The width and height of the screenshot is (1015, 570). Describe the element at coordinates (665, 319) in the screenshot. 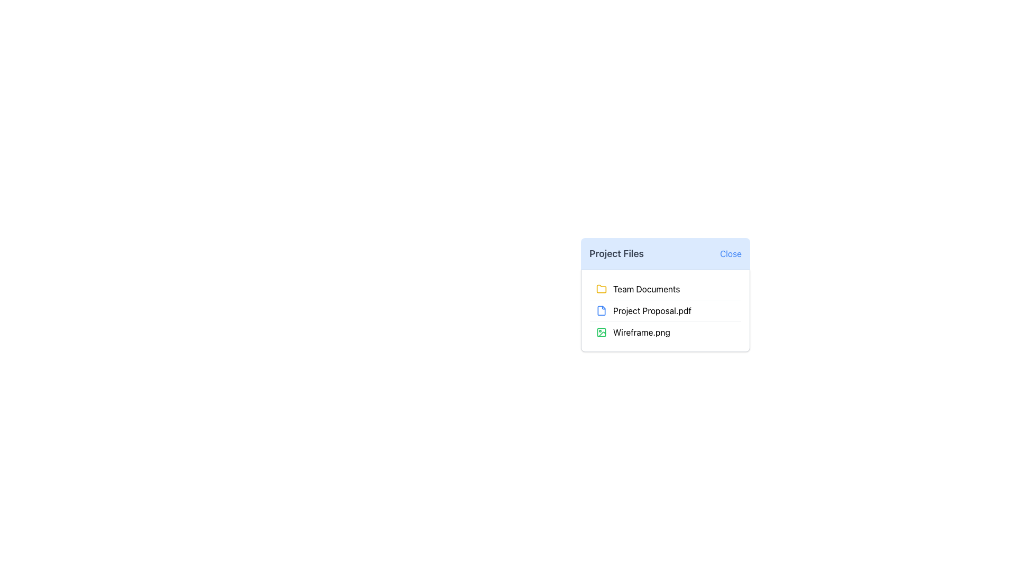

I see `the displayed file names in the 'Project Files' modal dialog` at that location.